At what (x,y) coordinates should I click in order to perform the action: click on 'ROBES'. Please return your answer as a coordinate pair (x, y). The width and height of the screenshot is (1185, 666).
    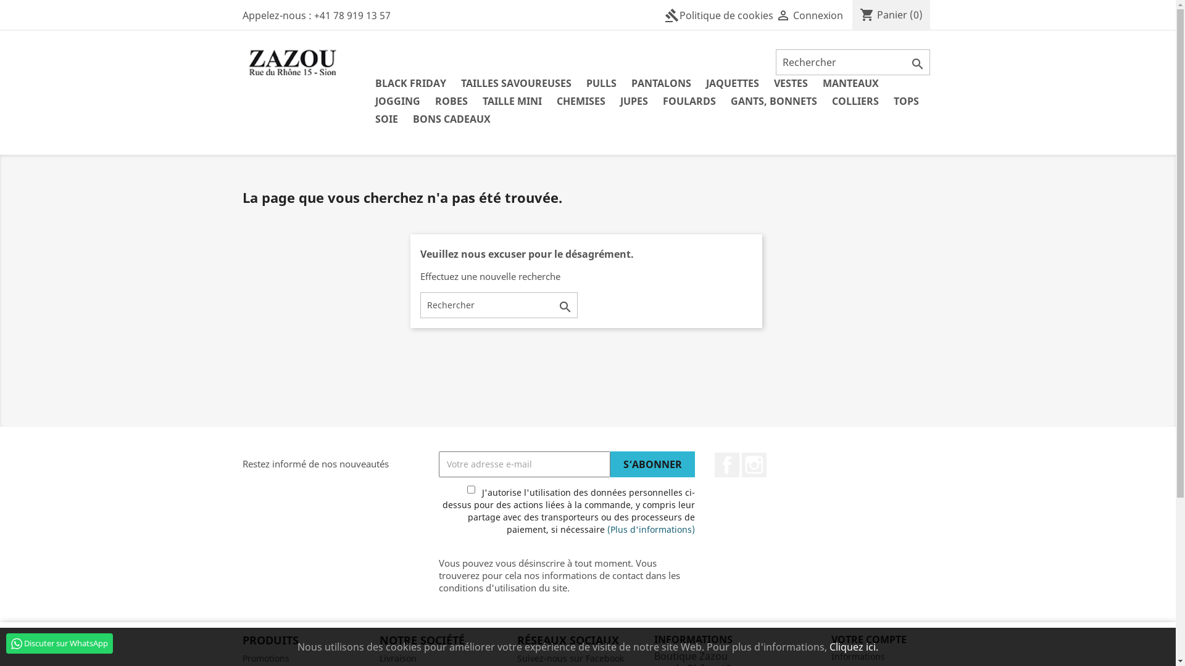
    Looking at the image, I should click on (451, 101).